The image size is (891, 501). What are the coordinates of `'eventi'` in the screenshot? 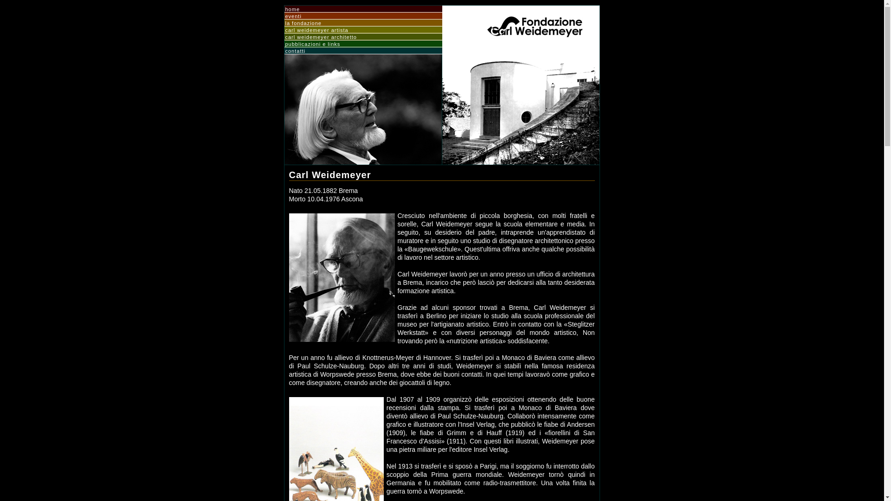 It's located at (362, 16).